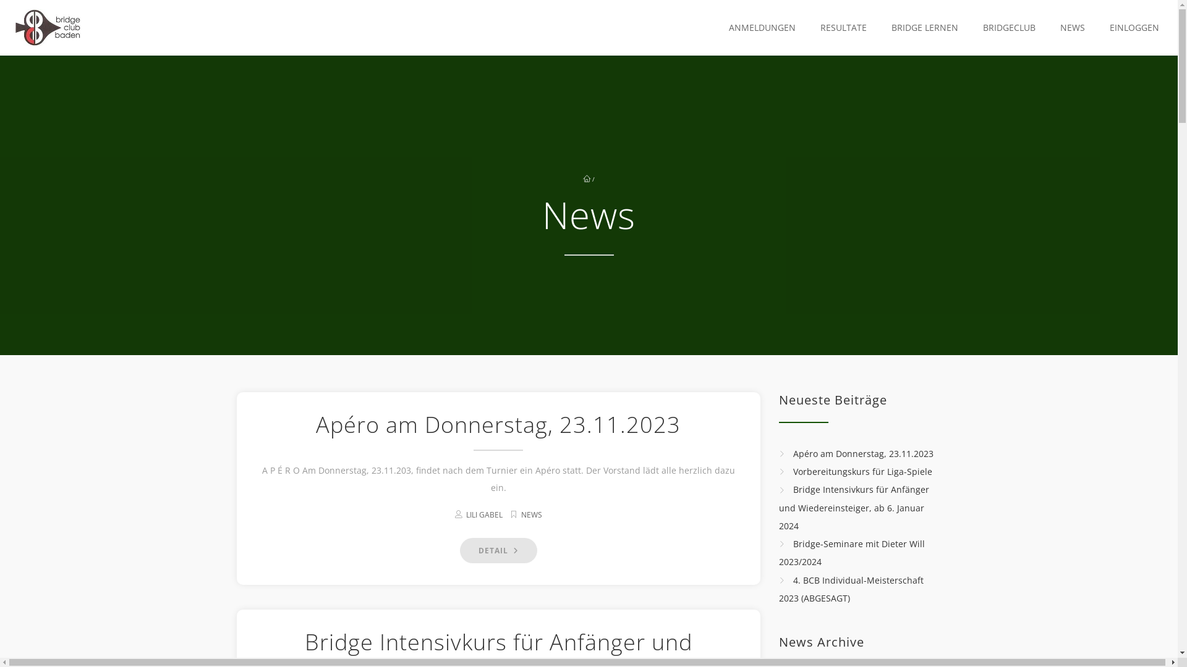  What do you see at coordinates (759, 28) in the screenshot?
I see `'ANMELDUNGEN'` at bounding box center [759, 28].